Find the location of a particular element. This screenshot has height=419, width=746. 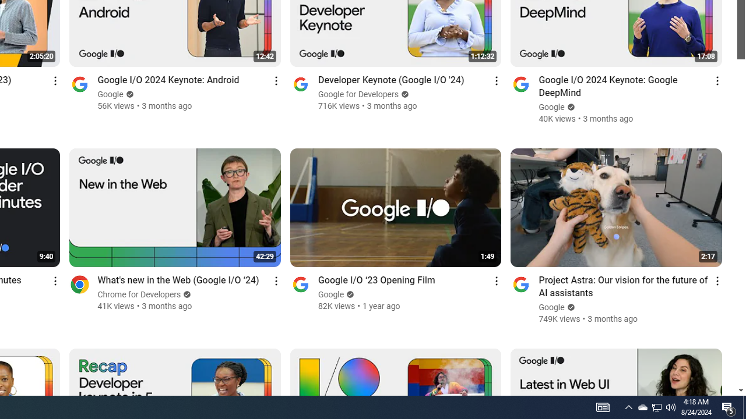

'Google' is located at coordinates (551, 307).